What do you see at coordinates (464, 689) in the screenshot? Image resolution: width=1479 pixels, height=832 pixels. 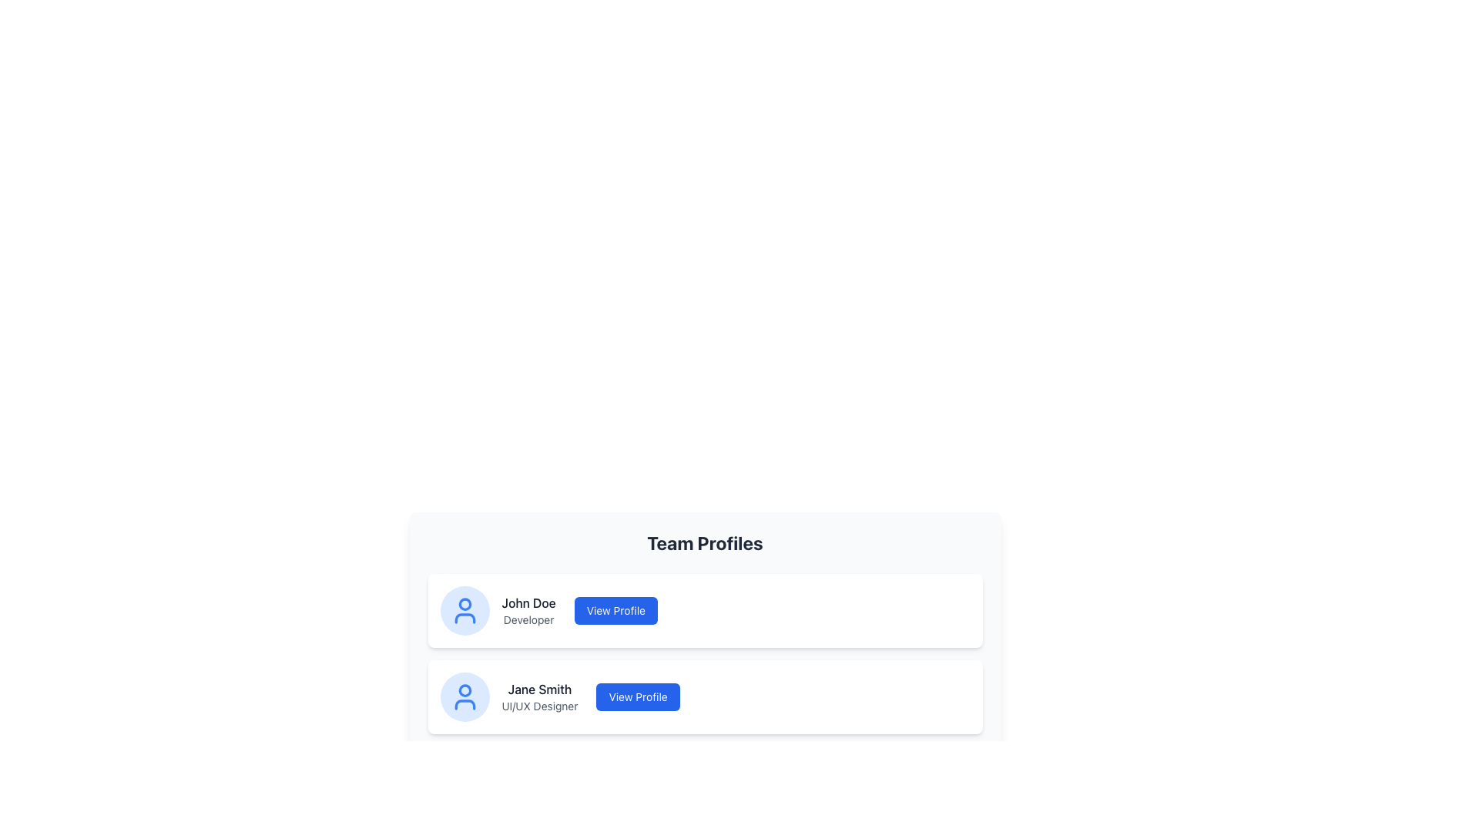 I see `the small circular graphic component that is centrally located within the user profile icon, serving as a visual indicator` at bounding box center [464, 689].